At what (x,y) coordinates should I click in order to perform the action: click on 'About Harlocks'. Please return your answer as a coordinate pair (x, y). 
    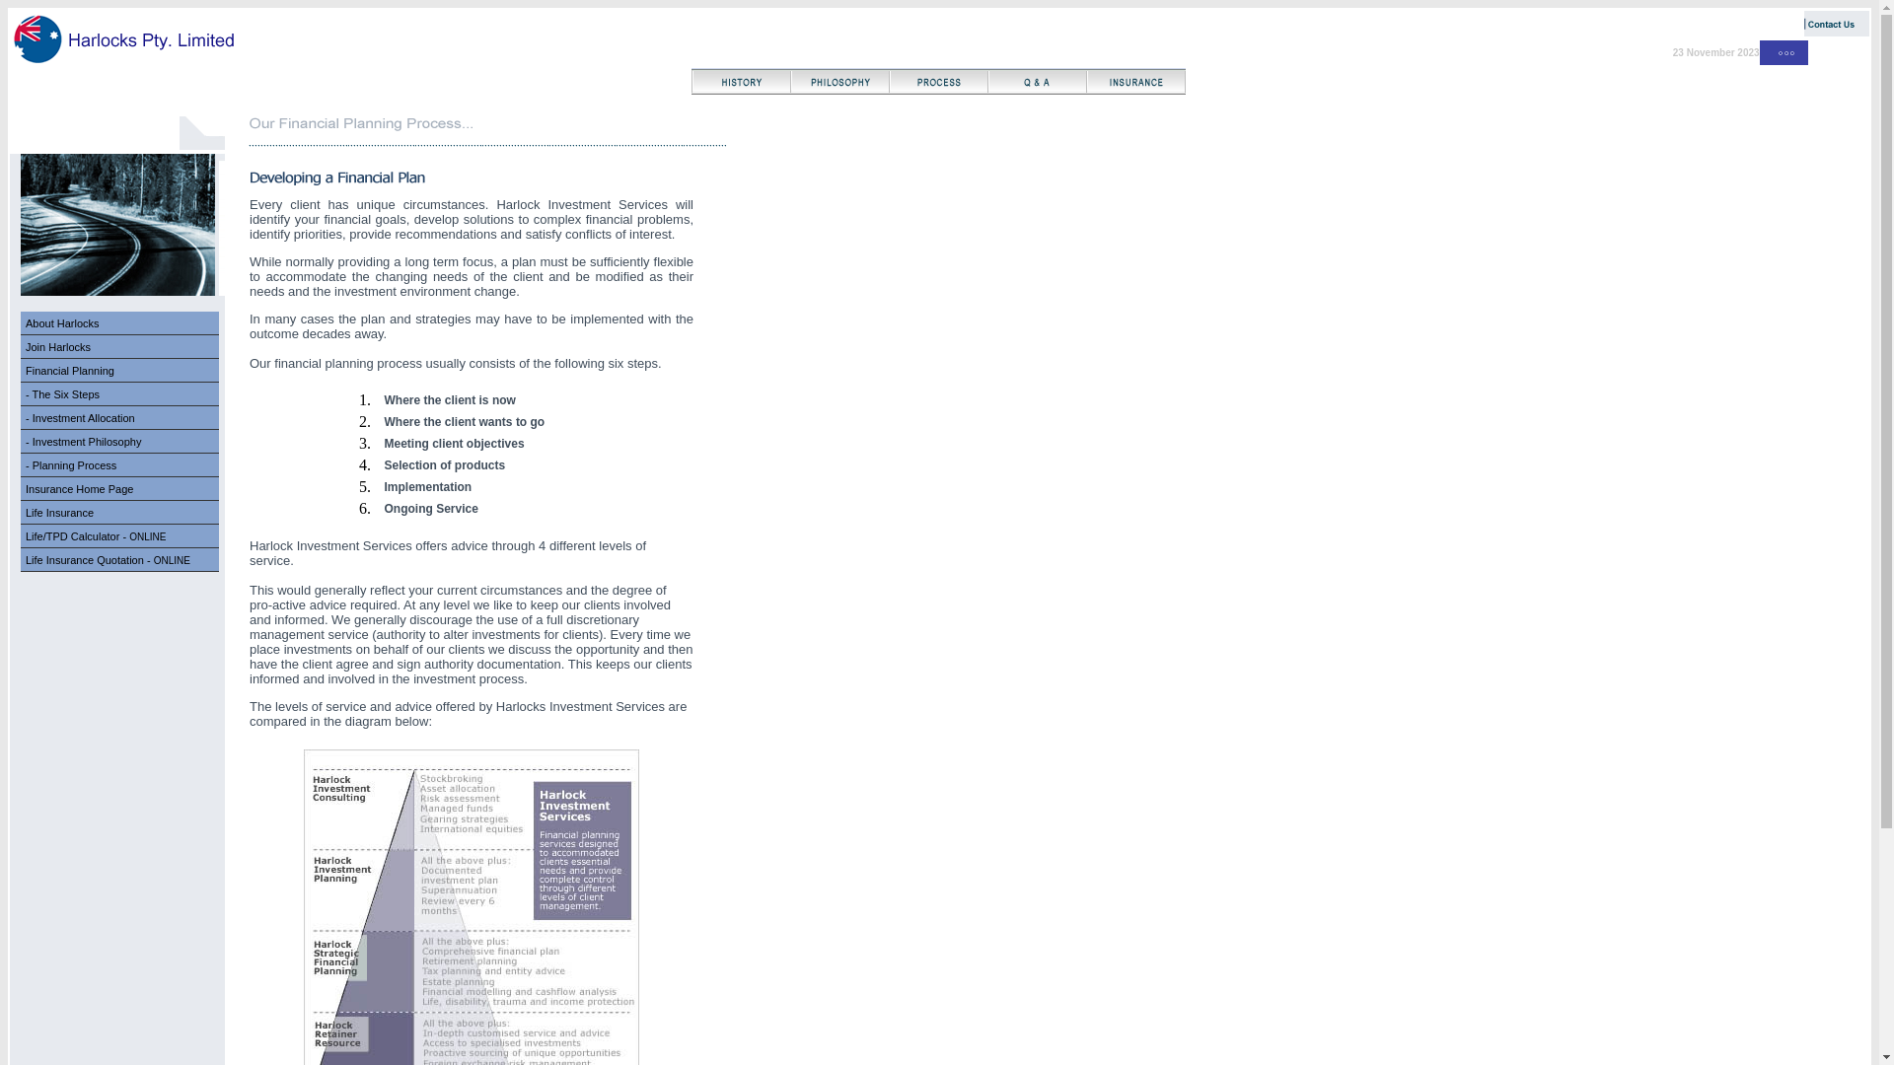
    Looking at the image, I should click on (62, 321).